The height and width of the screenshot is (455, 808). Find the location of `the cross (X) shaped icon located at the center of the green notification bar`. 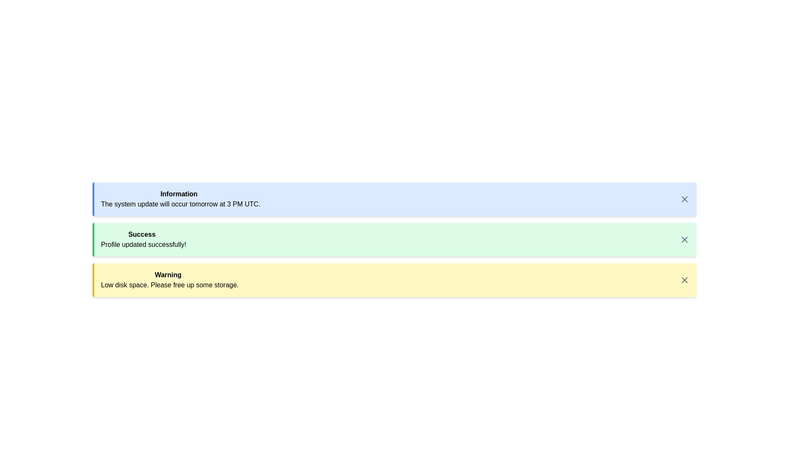

the cross (X) shaped icon located at the center of the green notification bar is located at coordinates (685, 240).